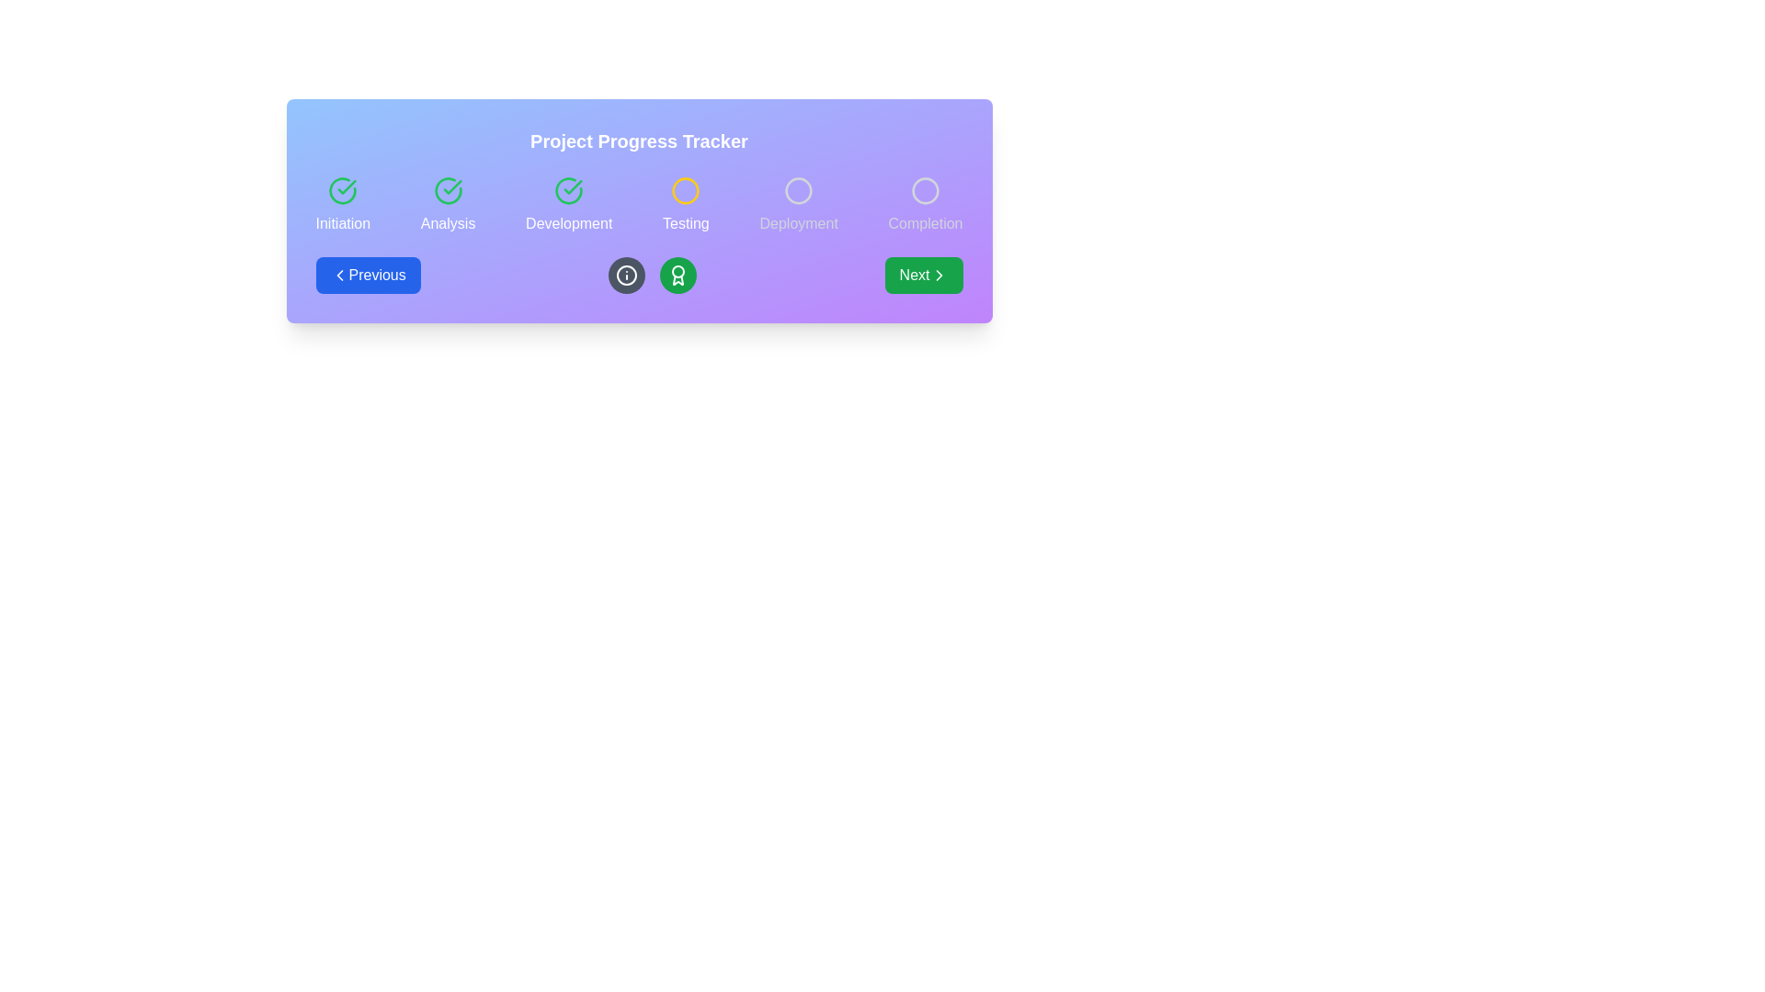 The image size is (1765, 992). I want to click on the 'Testing' phase indicator in the project tracker, so click(685, 205).